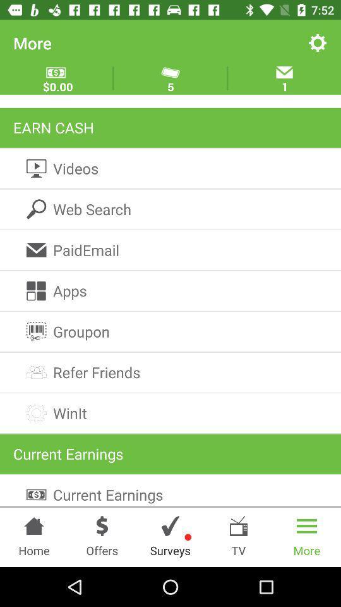  Describe the element at coordinates (170, 128) in the screenshot. I see `the earn cash` at that location.